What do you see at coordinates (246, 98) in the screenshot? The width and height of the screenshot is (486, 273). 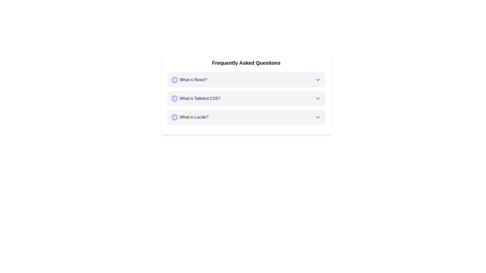 I see `the second expandable list item under 'Frequently Asked Questions'` at bounding box center [246, 98].